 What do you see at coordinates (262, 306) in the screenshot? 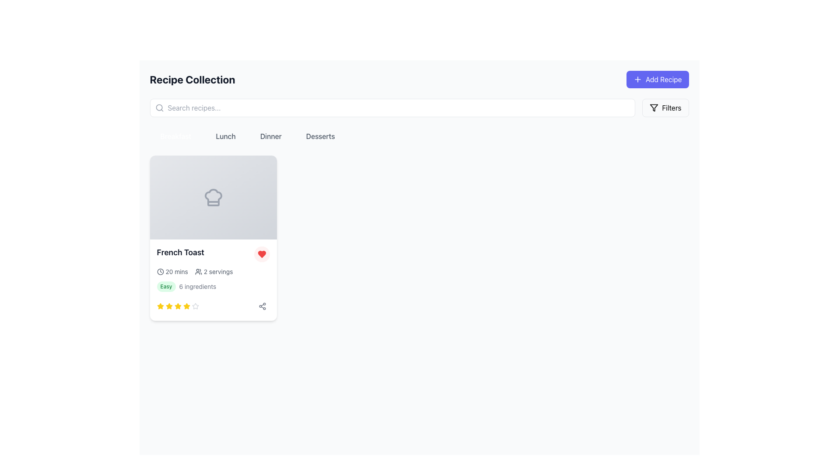
I see `the share icon, which features three solid circles connected by diagonal lines, located at the top-right corner of its rounded button` at bounding box center [262, 306].